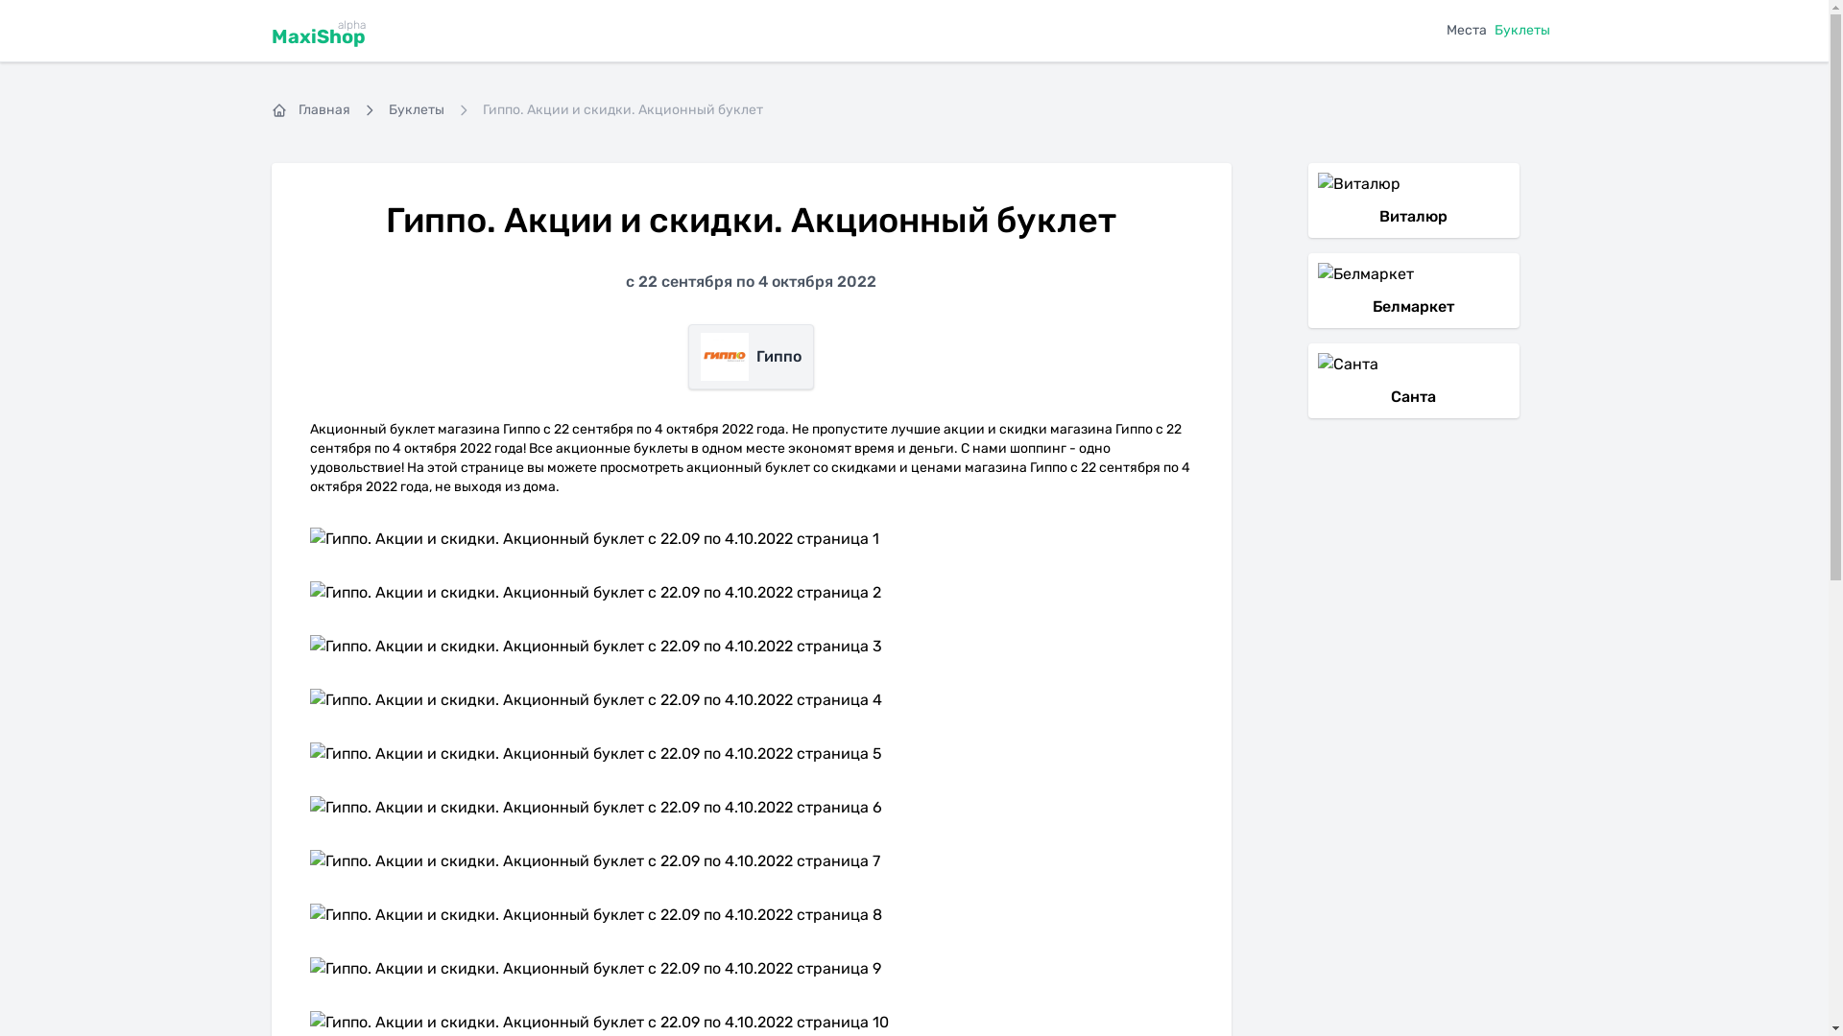  I want to click on 'MaxiShop', so click(318, 36).